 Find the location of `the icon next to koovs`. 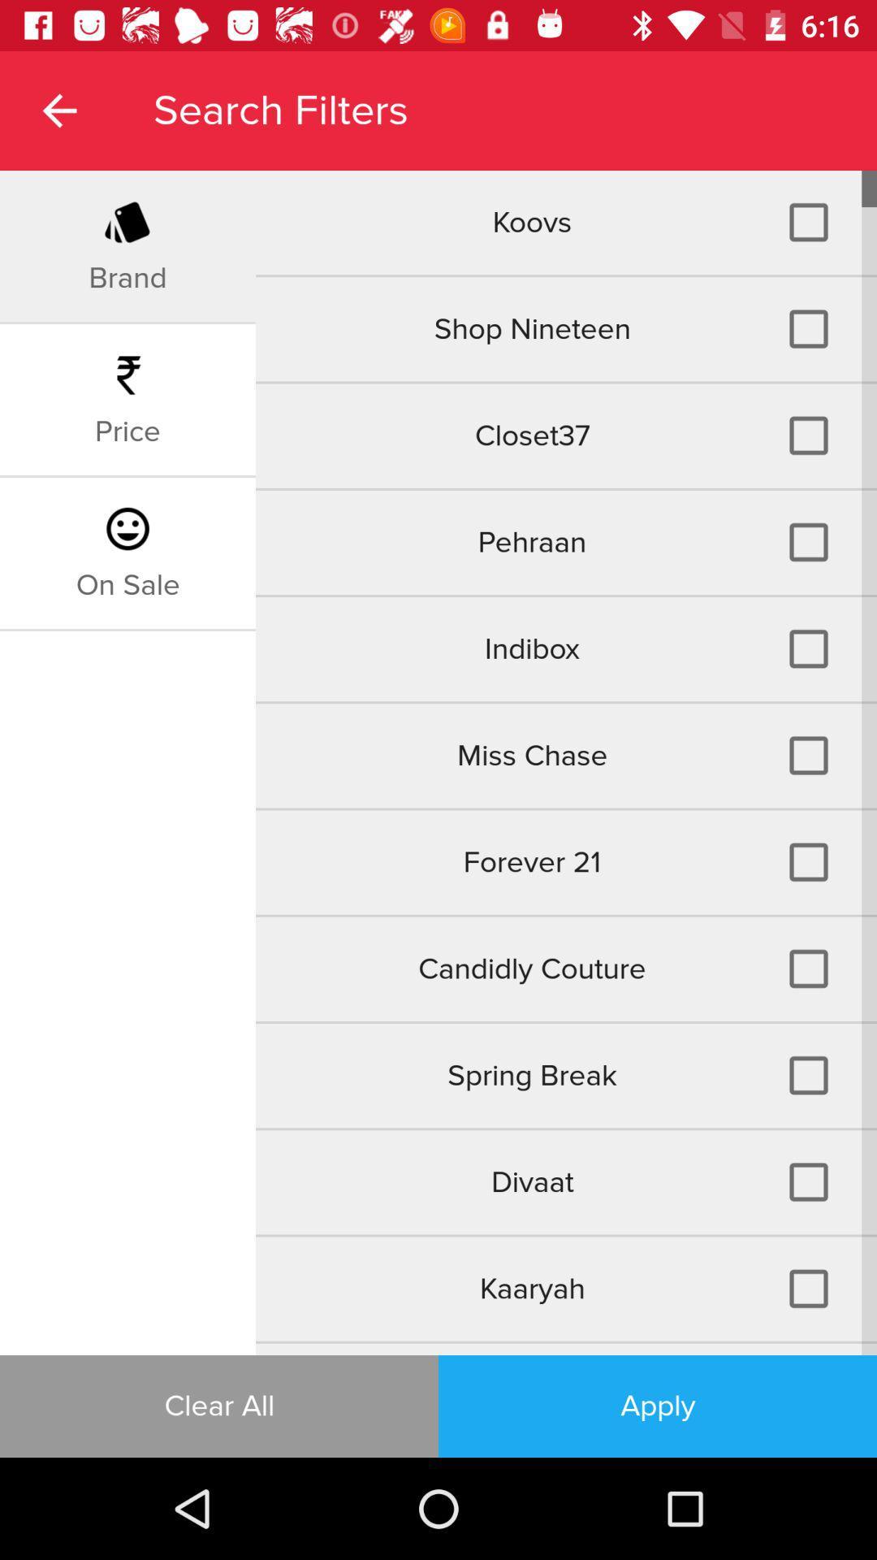

the icon next to koovs is located at coordinates (127, 278).